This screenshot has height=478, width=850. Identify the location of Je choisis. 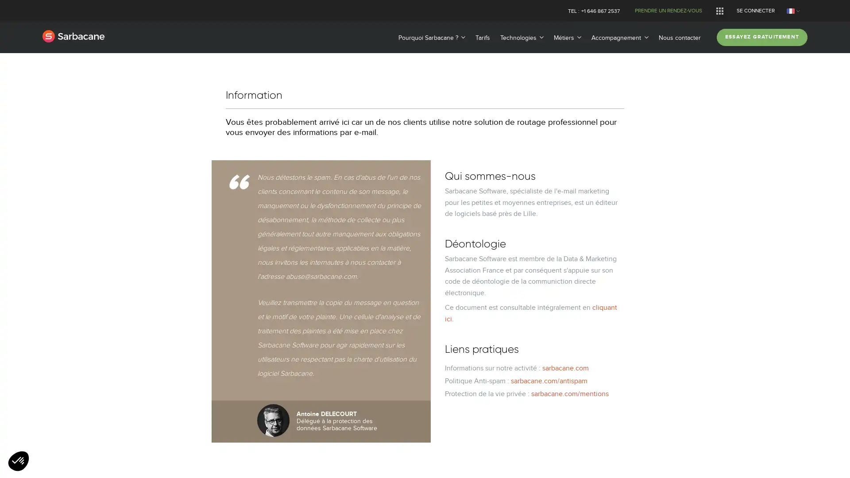
(425, 299).